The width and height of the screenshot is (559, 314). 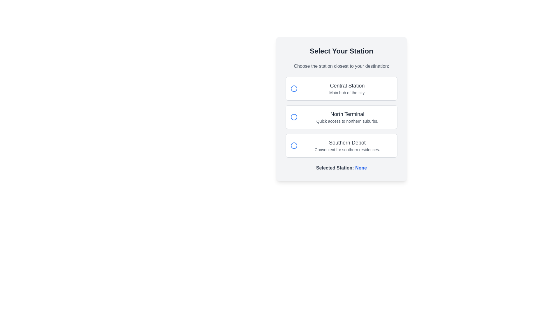 I want to click on the radio button styled with a blue outline and inner white fill, located to the left of the 'Central Station' text, so click(x=294, y=88).